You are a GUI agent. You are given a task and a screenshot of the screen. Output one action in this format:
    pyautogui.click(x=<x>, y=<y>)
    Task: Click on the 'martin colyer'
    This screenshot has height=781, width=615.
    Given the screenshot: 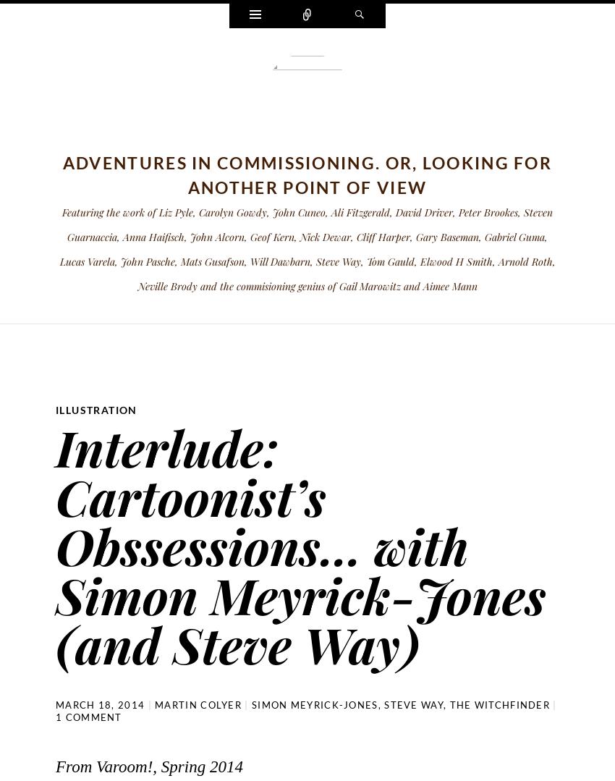 What is the action you would take?
    pyautogui.click(x=198, y=704)
    